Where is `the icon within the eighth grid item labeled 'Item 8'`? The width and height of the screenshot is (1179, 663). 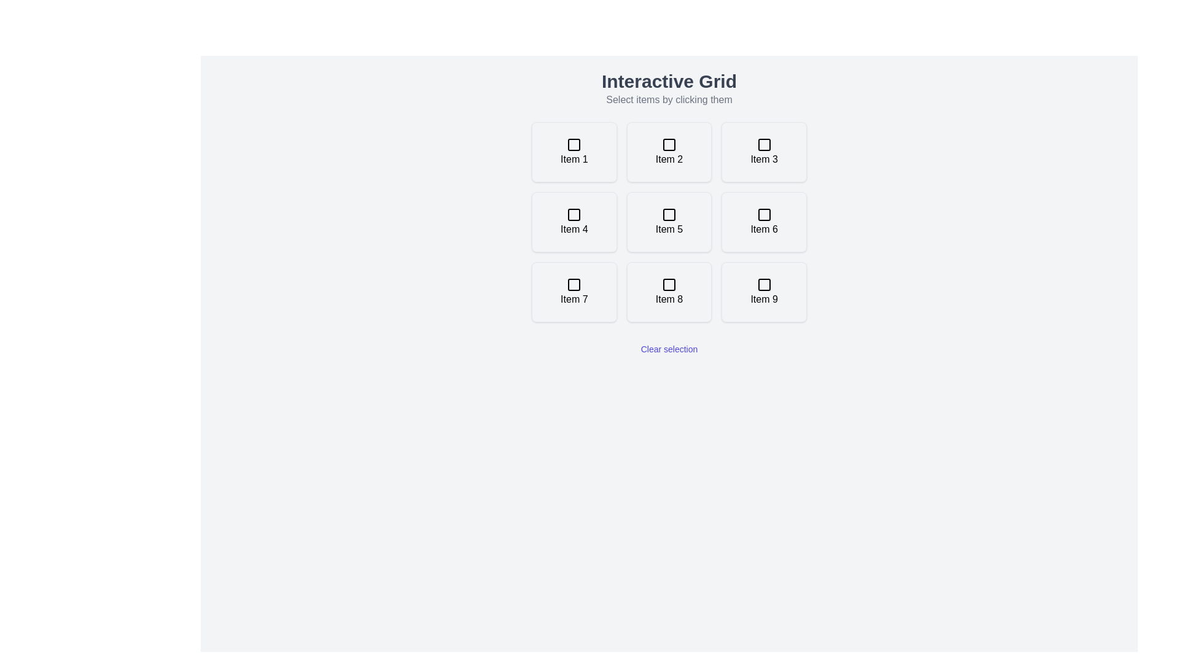 the icon within the eighth grid item labeled 'Item 8' is located at coordinates (668, 284).